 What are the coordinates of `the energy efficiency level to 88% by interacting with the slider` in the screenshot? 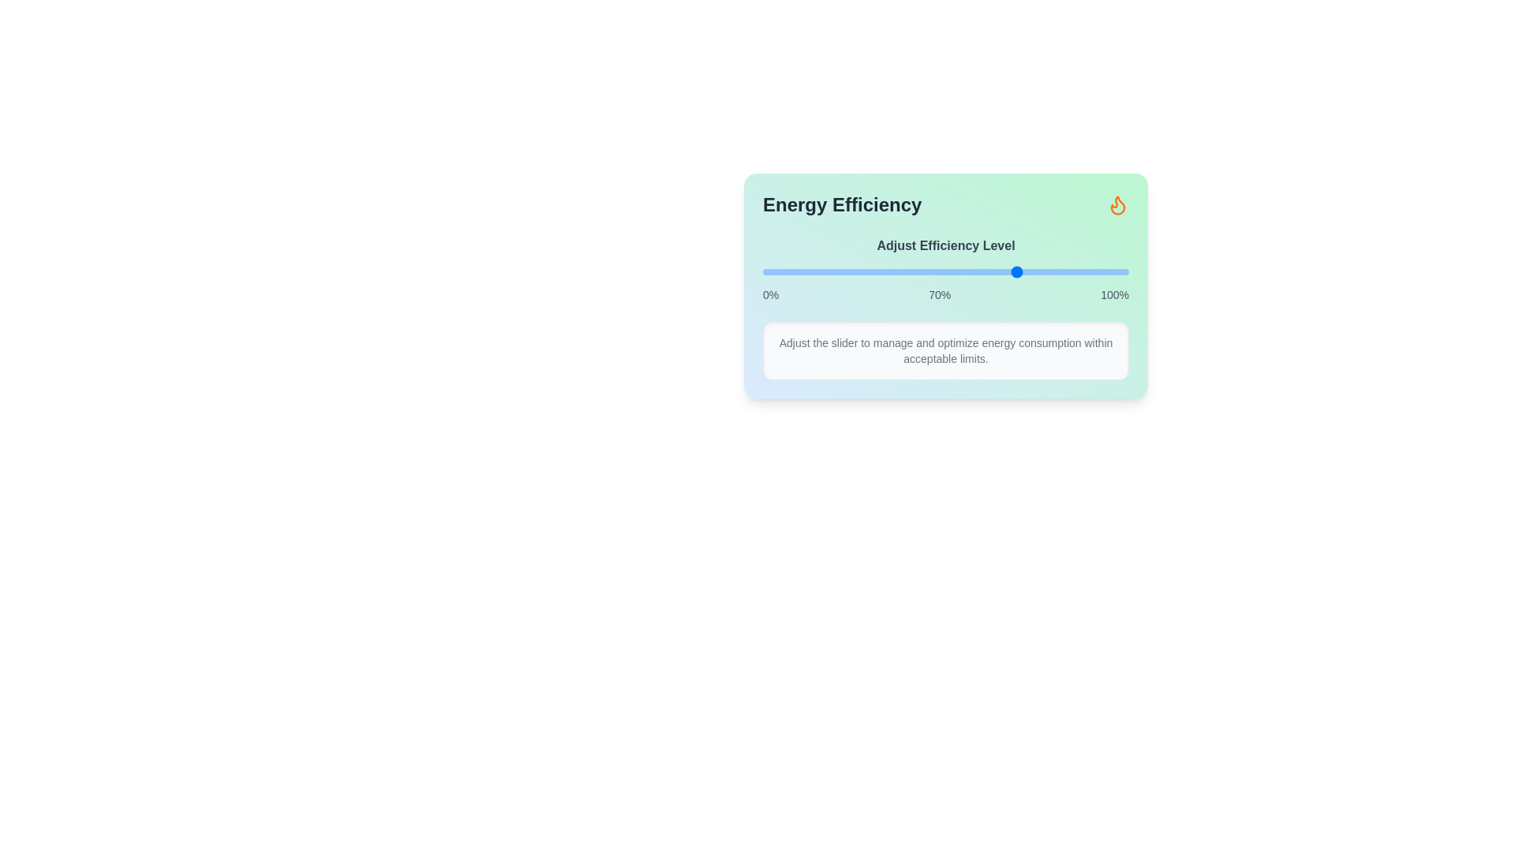 It's located at (1084, 271).